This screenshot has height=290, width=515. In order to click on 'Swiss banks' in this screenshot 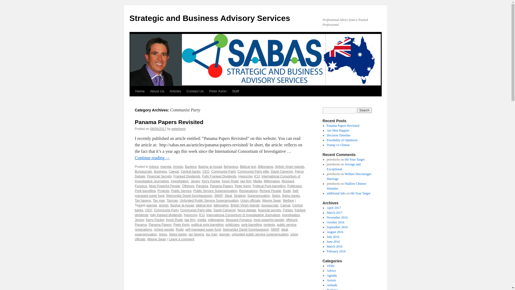, I will do `click(178, 234)`.